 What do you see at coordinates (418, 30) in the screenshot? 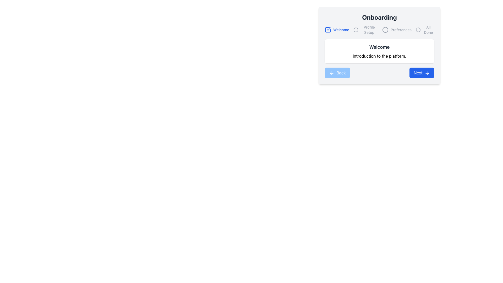
I see `the circular SVG graphic labeled 'All Done' in the Onboarding section, which is the fourth item from the left in the progress indicator row` at bounding box center [418, 30].